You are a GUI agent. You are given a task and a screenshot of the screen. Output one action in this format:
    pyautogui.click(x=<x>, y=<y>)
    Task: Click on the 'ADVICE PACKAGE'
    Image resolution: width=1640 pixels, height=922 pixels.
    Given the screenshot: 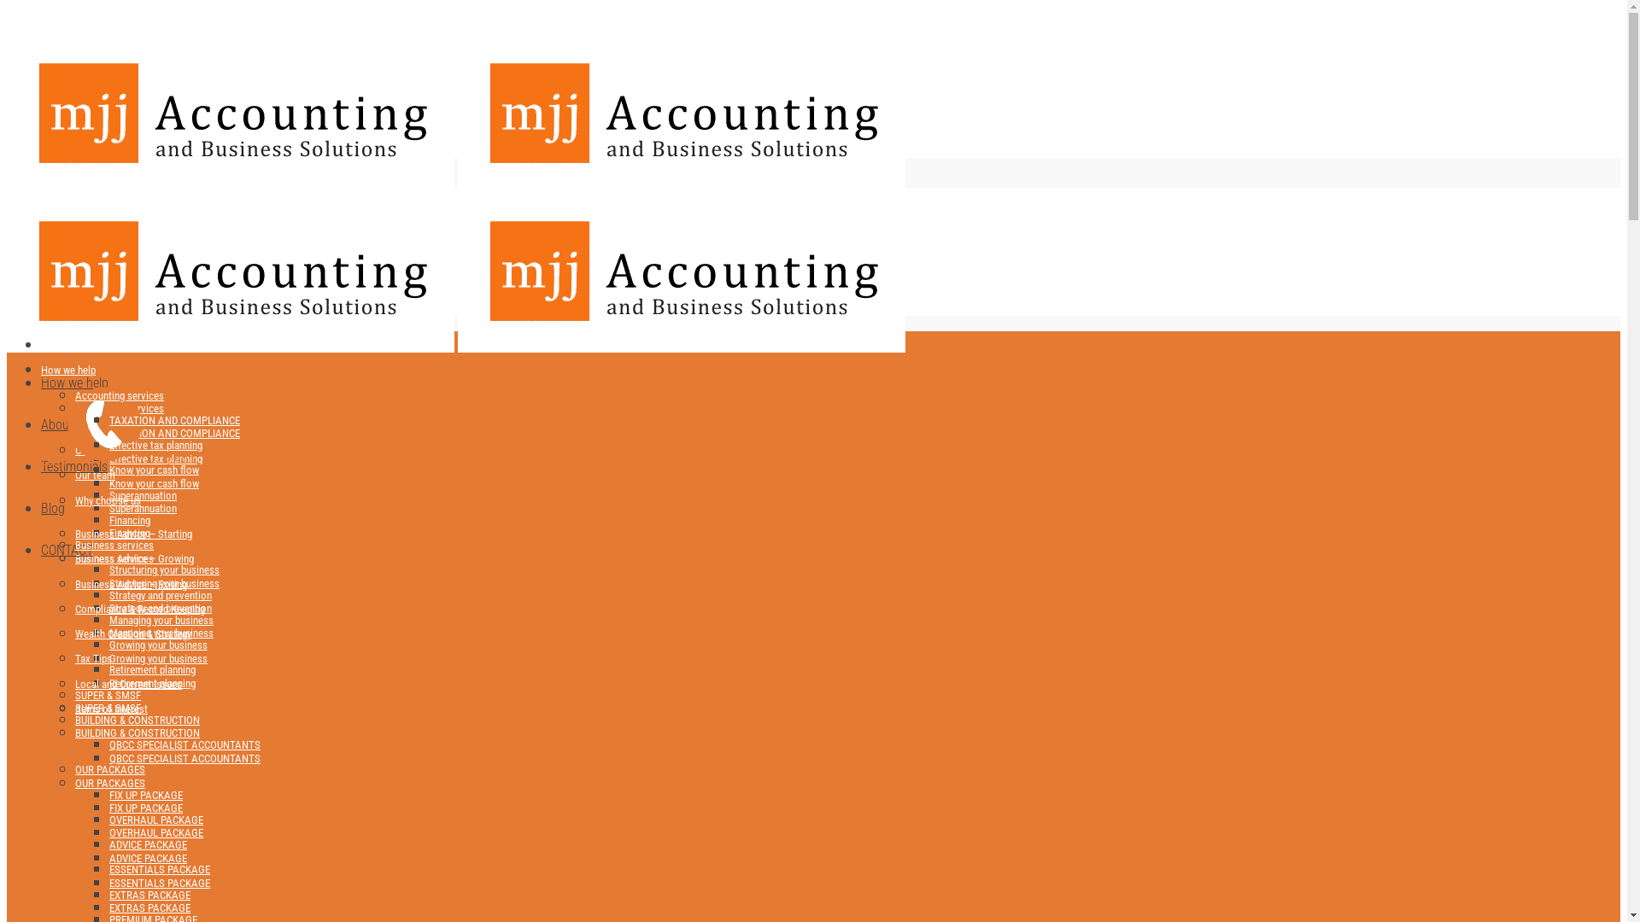 What is the action you would take?
    pyautogui.click(x=148, y=858)
    